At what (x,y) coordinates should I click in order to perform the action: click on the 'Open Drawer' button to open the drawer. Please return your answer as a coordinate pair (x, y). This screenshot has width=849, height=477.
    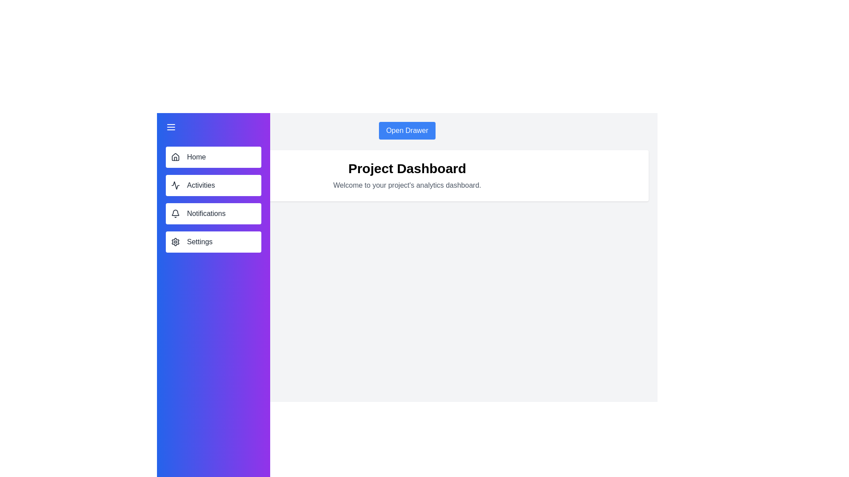
    Looking at the image, I should click on (407, 131).